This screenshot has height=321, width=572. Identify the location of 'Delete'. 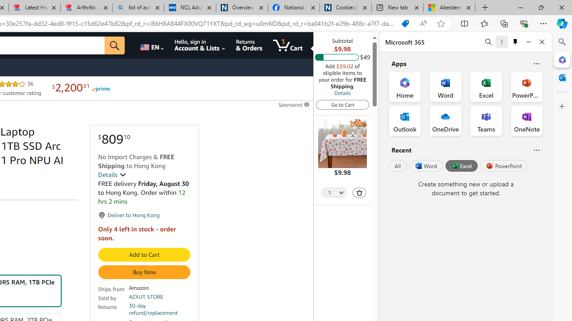
(359, 192).